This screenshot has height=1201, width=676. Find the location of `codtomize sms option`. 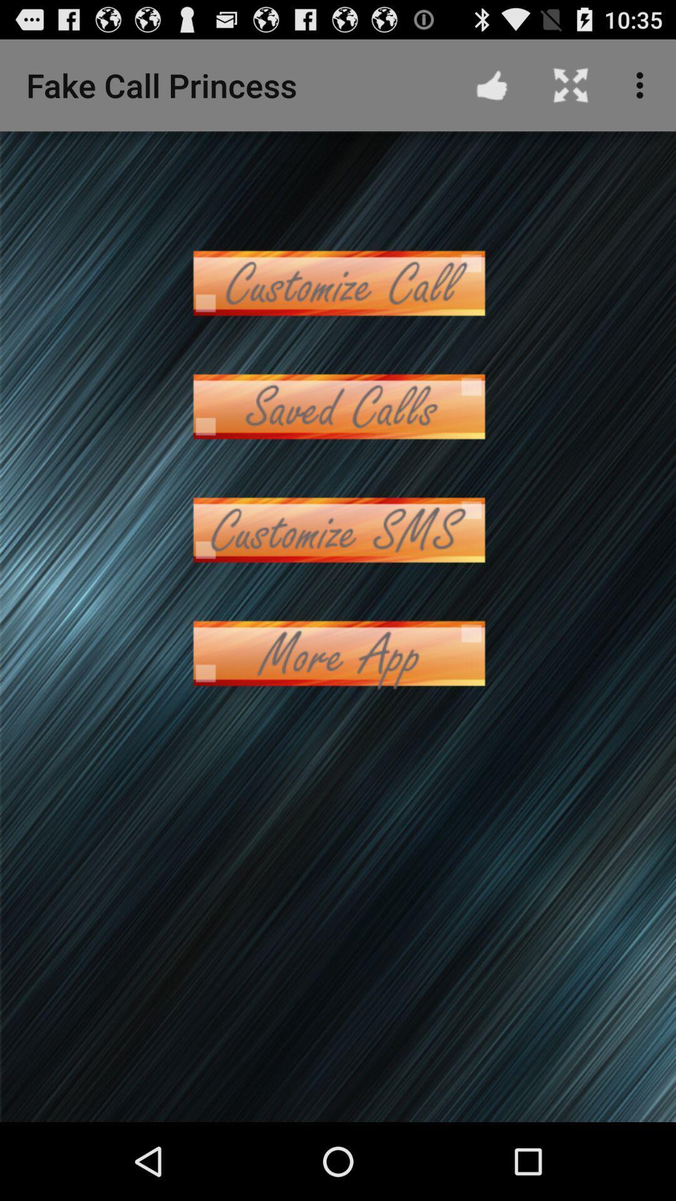

codtomize sms option is located at coordinates (338, 530).